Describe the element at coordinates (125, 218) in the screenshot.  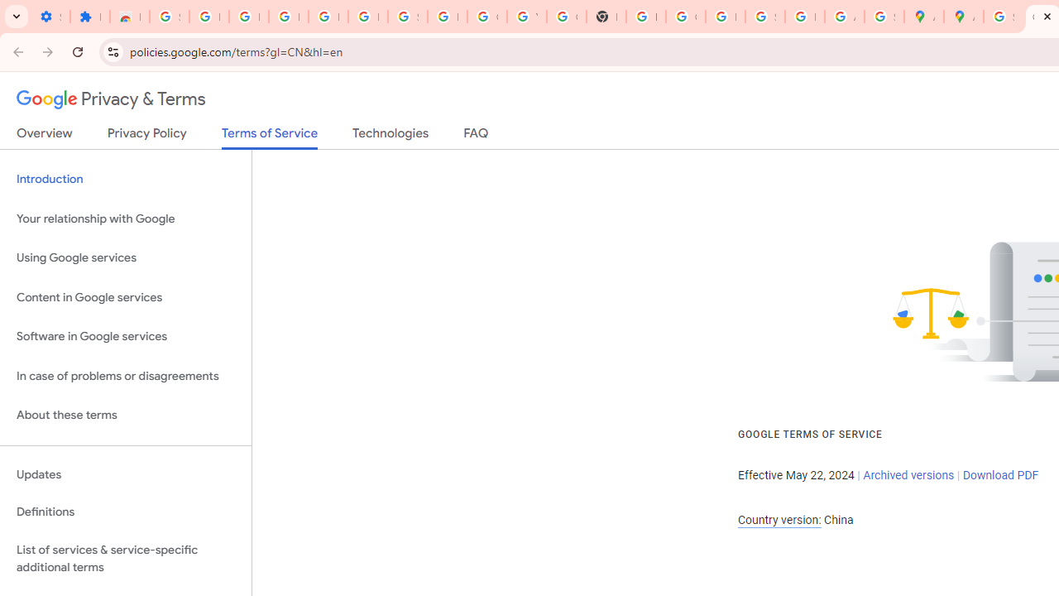
I see `'Your relationship with Google'` at that location.